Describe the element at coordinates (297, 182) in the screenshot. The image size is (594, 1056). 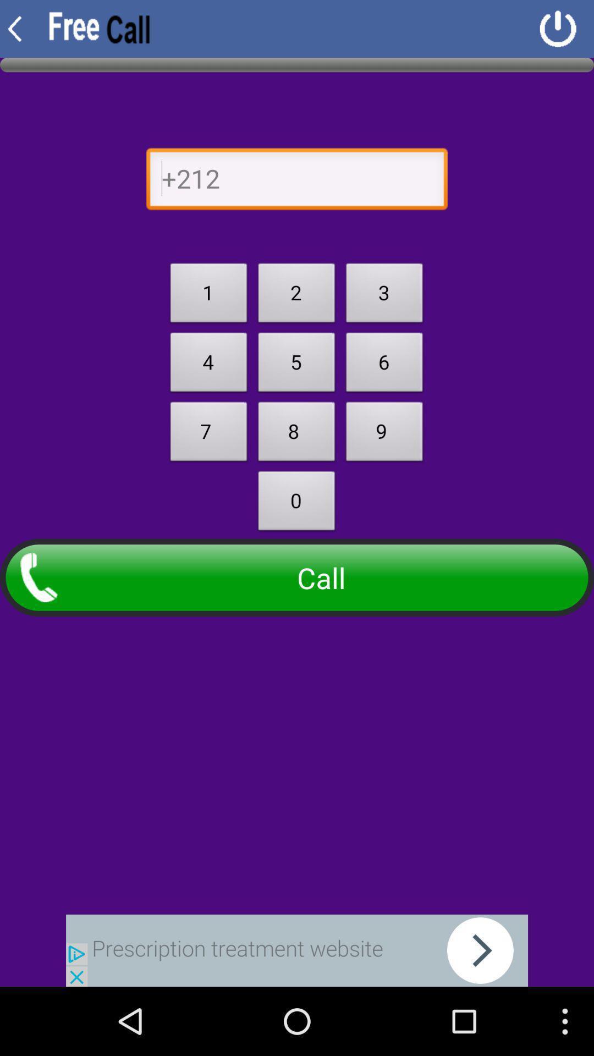
I see `go back` at that location.